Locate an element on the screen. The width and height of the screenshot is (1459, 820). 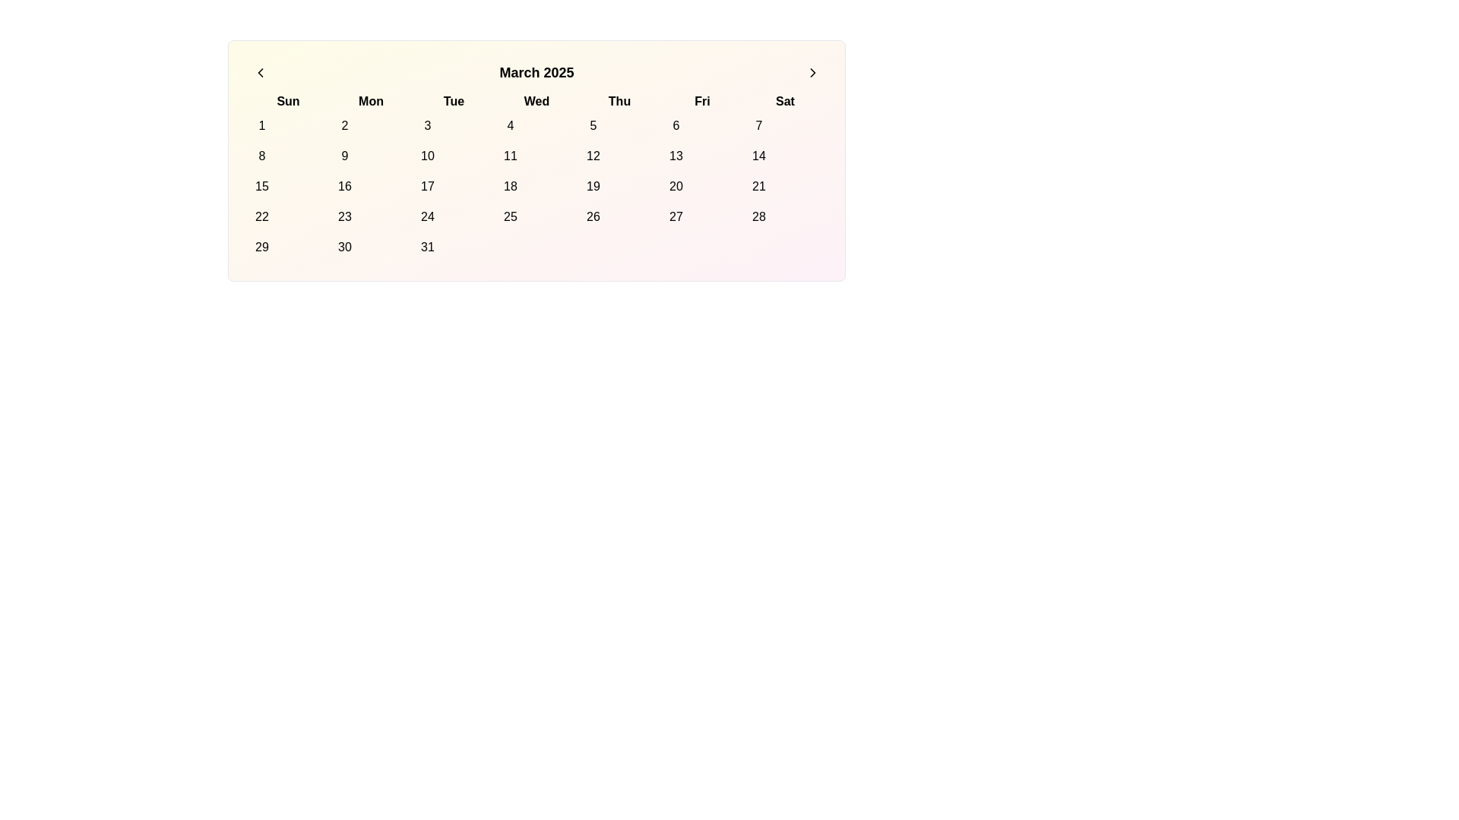
the static text label displaying the current month and year in the calendar, which is centrally located between the navigation icons is located at coordinates (536, 73).